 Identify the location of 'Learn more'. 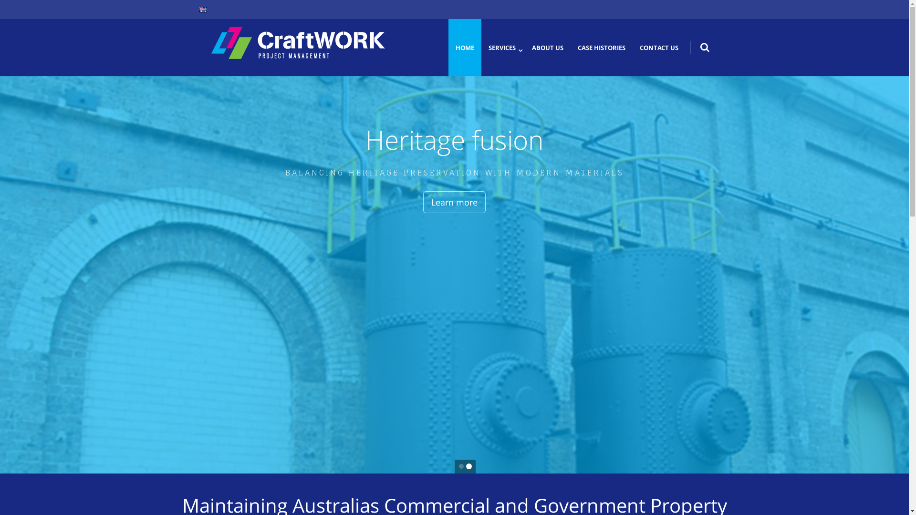
(467, 202).